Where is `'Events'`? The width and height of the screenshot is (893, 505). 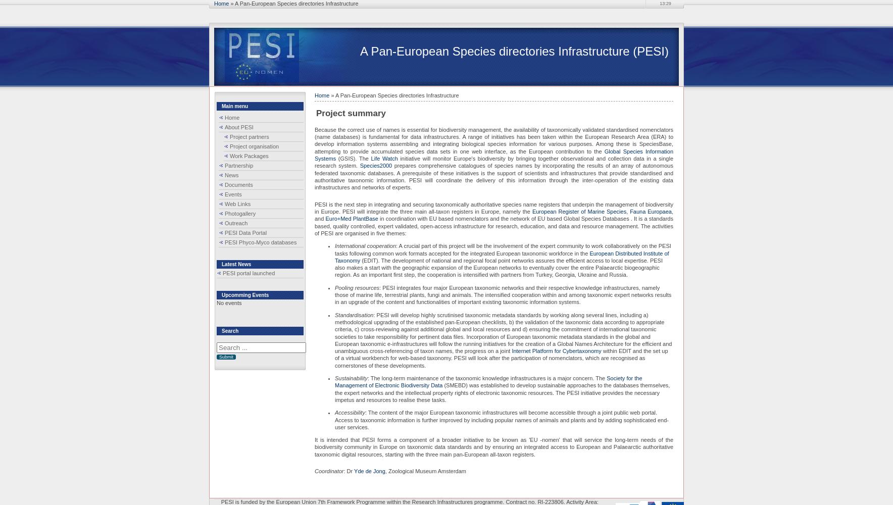 'Events' is located at coordinates (232, 194).